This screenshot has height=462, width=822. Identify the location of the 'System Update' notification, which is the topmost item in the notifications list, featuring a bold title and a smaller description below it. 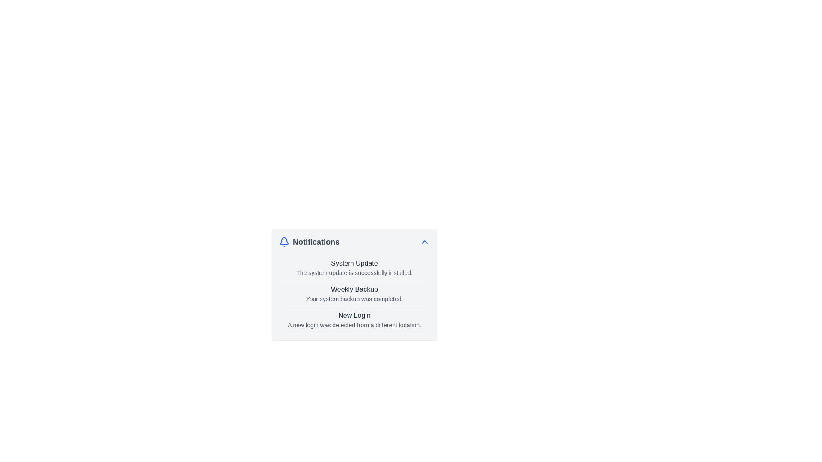
(354, 267).